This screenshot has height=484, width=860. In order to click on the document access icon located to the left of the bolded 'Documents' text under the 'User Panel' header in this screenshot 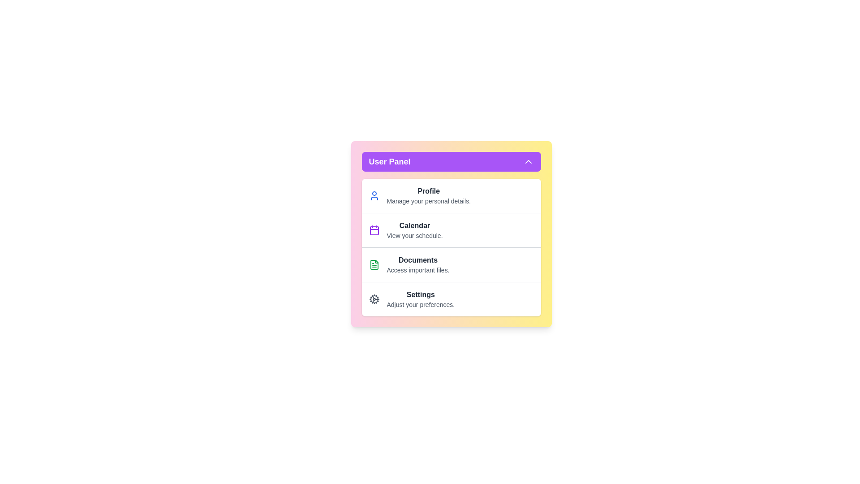, I will do `click(374, 264)`.